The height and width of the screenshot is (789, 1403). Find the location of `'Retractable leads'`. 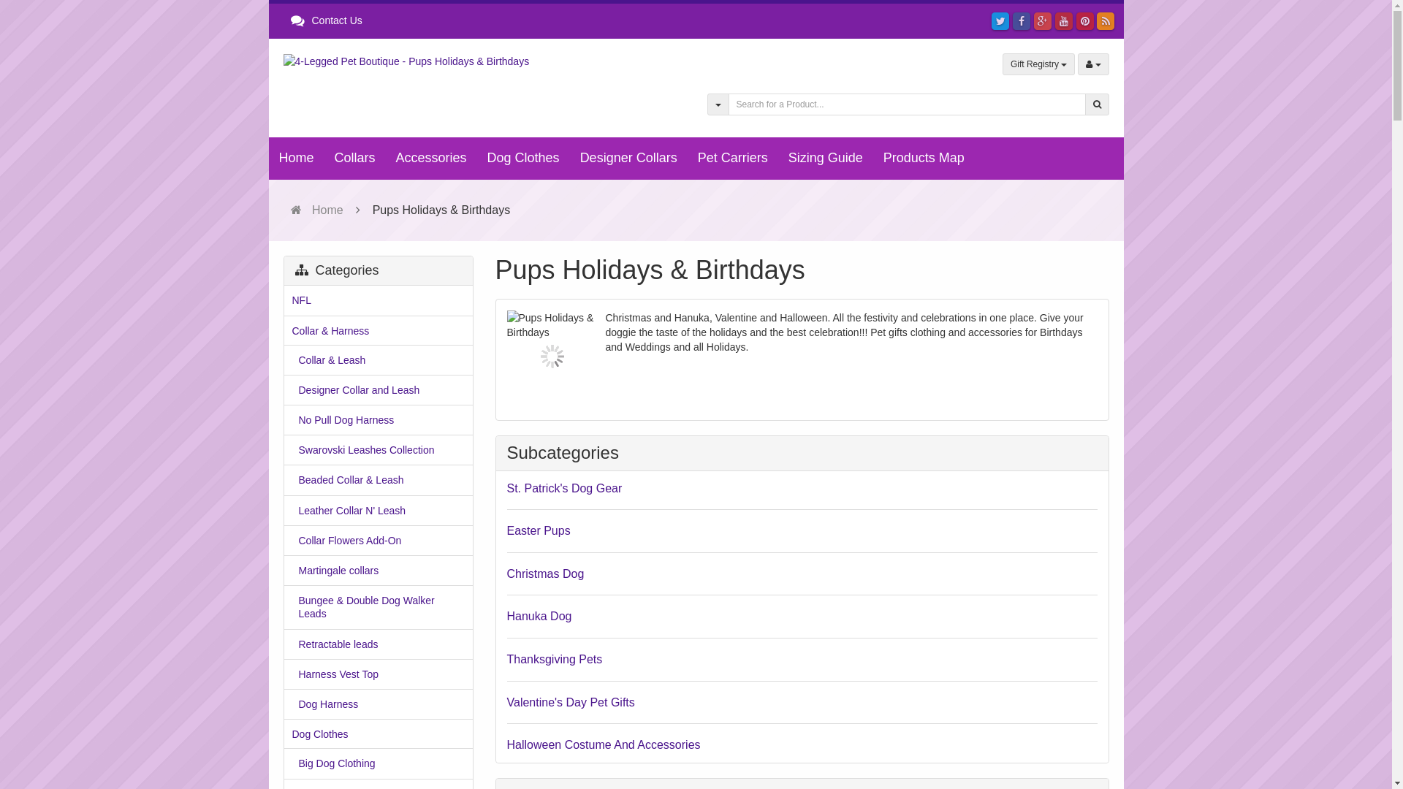

'Retractable leads' is located at coordinates (378, 643).